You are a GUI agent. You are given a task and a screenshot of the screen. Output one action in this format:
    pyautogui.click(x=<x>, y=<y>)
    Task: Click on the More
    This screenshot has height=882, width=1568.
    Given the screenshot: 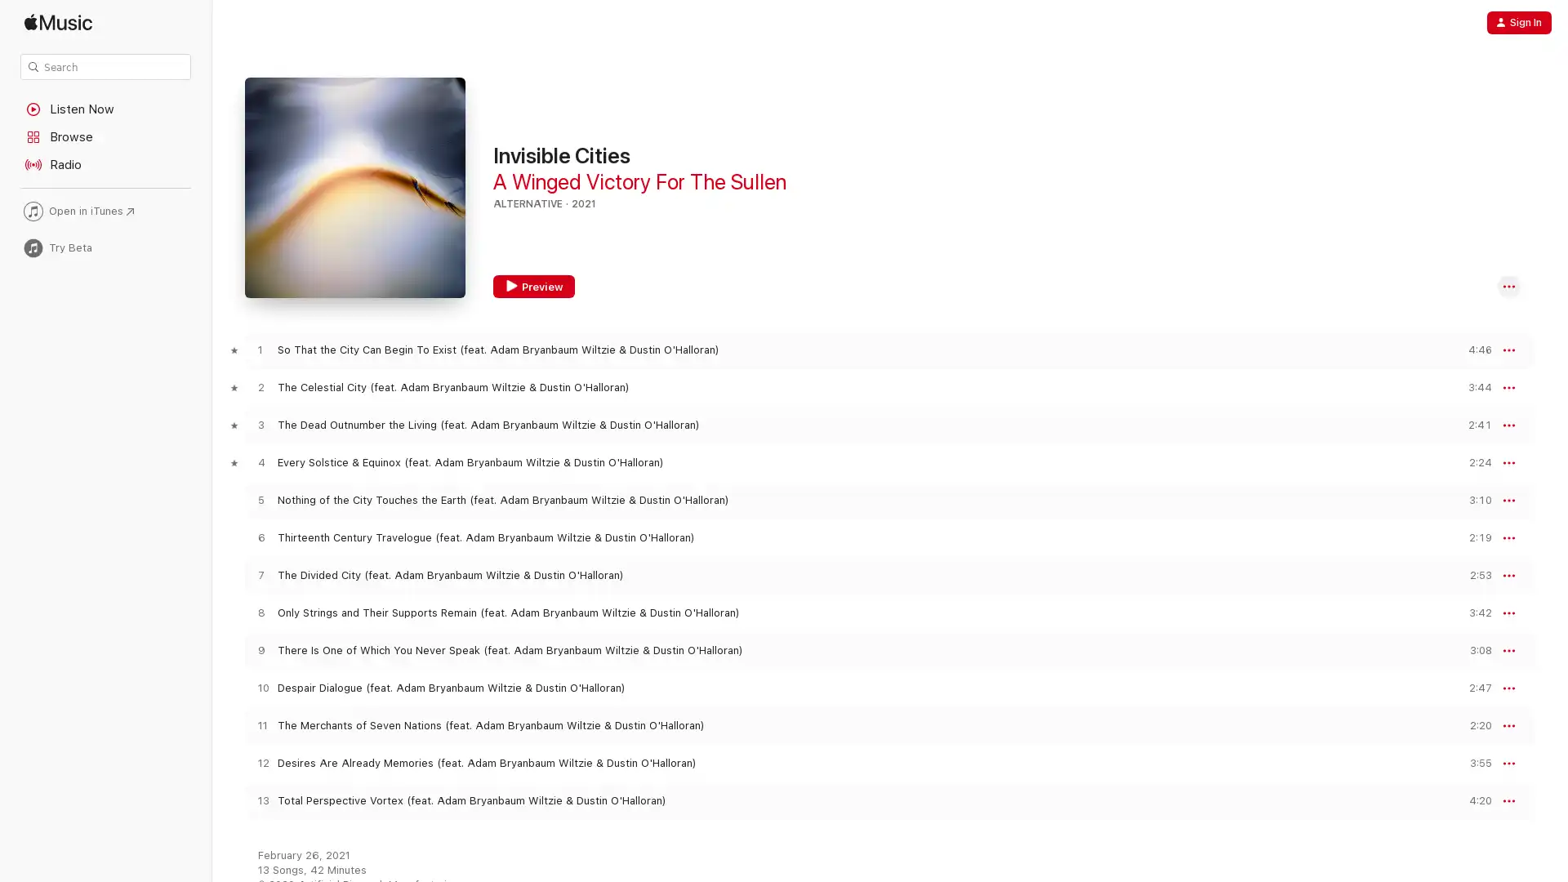 What is the action you would take?
    pyautogui.click(x=1508, y=613)
    